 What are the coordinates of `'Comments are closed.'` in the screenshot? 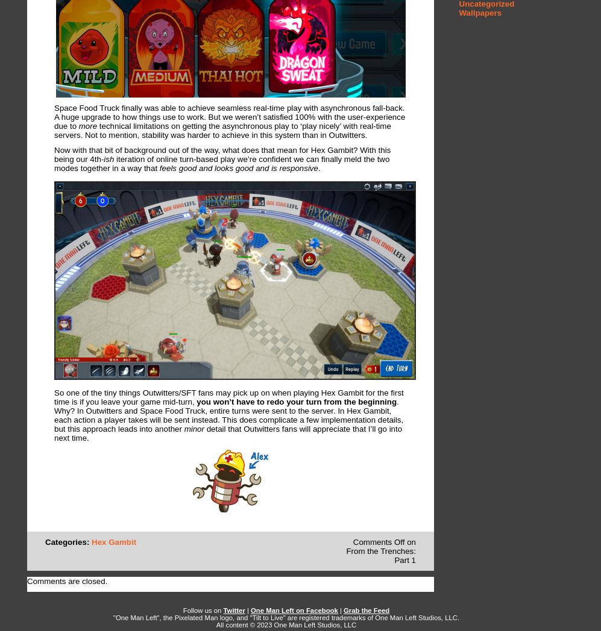 It's located at (67, 580).